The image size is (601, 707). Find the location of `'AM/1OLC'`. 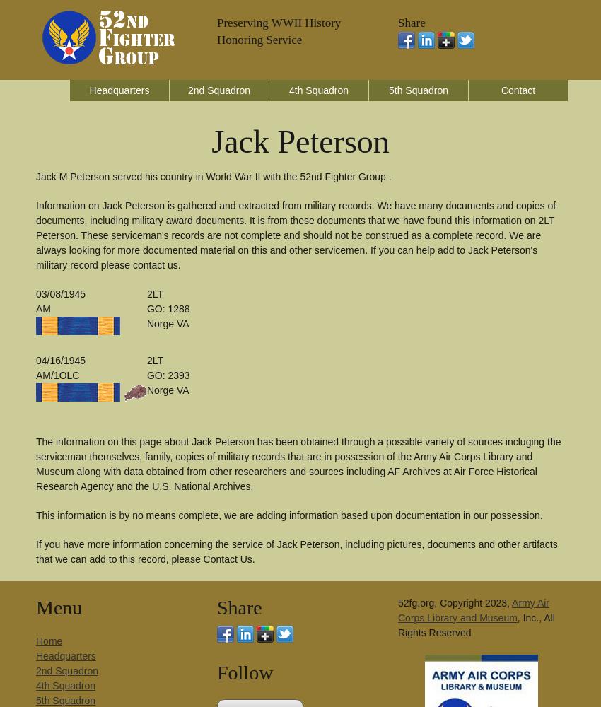

'AM/1OLC' is located at coordinates (57, 375).